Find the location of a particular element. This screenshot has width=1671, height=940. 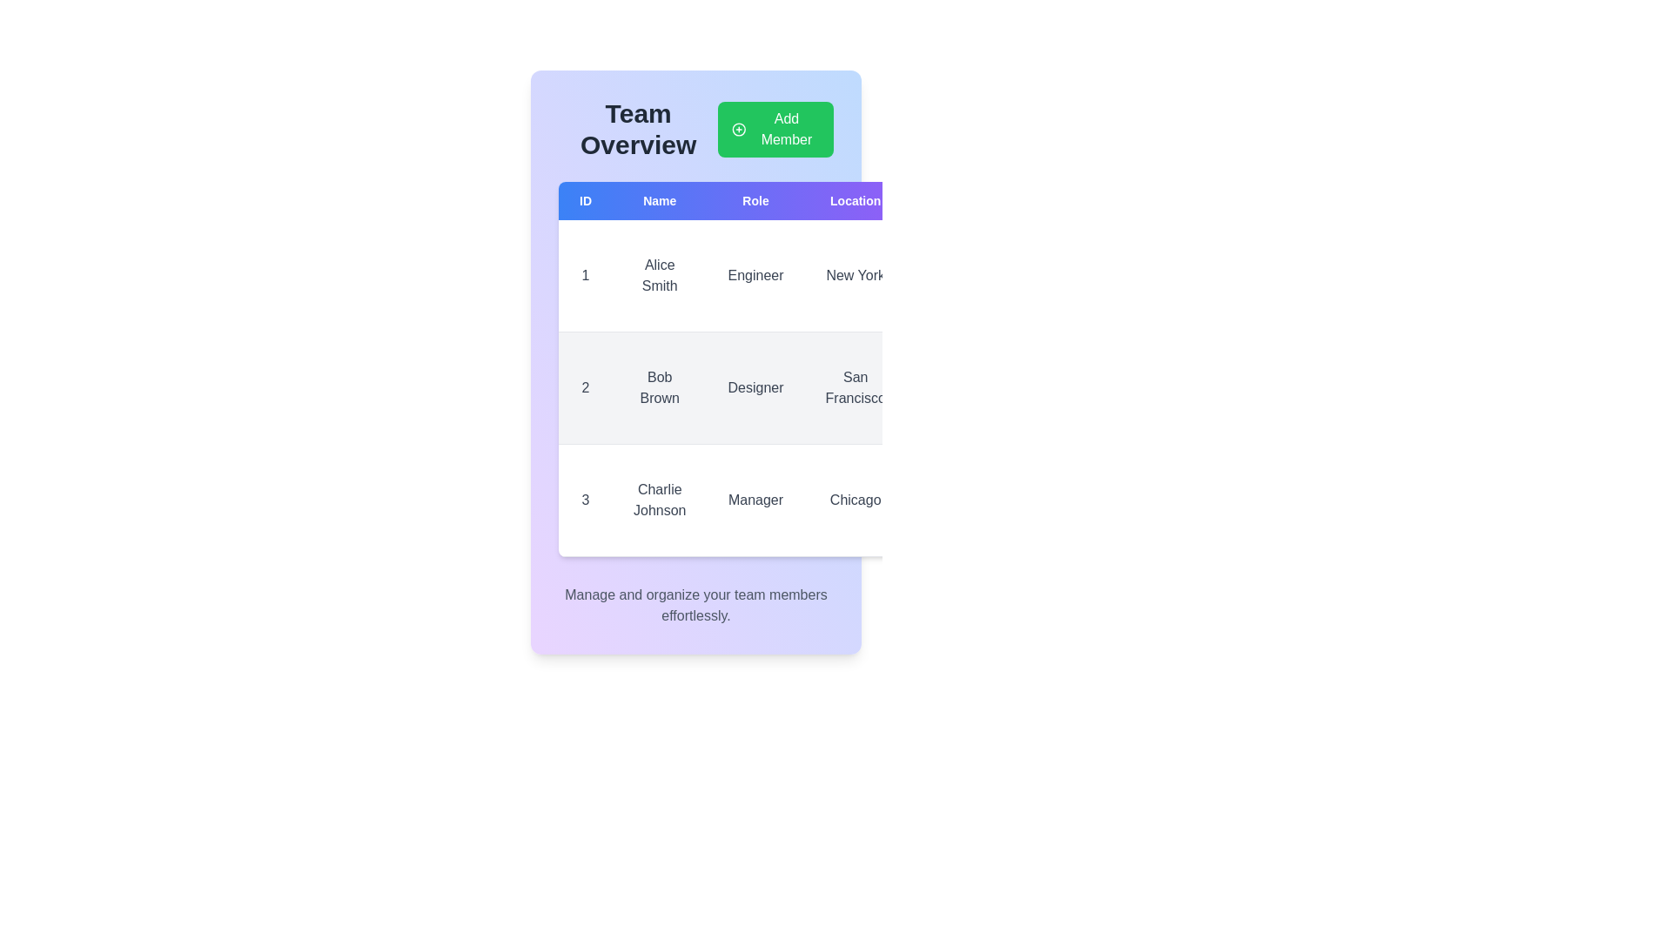

the text label displaying 'Bob Brown' in the second cell of the second row under the 'Name' column in a table layout is located at coordinates (659, 387).